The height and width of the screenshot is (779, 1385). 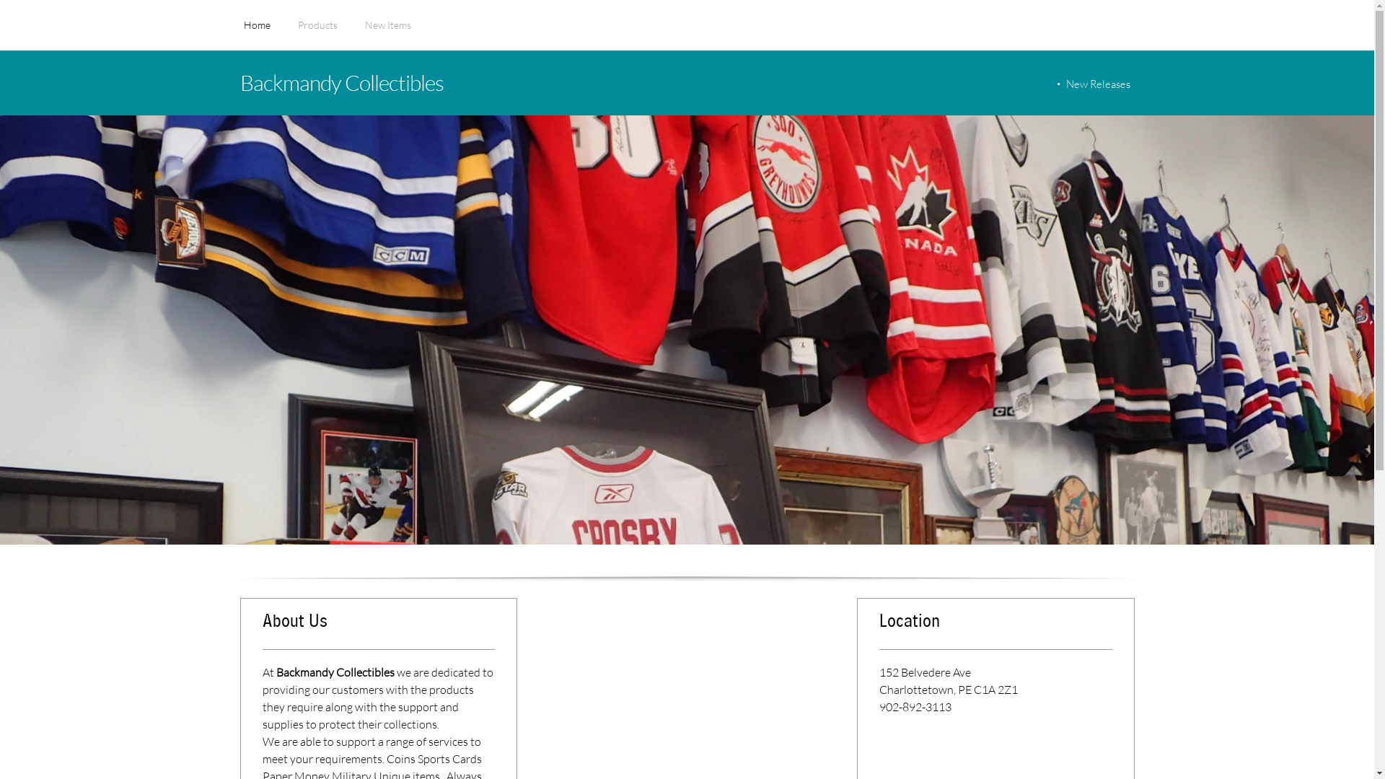 I want to click on 'Products', so click(x=316, y=32).